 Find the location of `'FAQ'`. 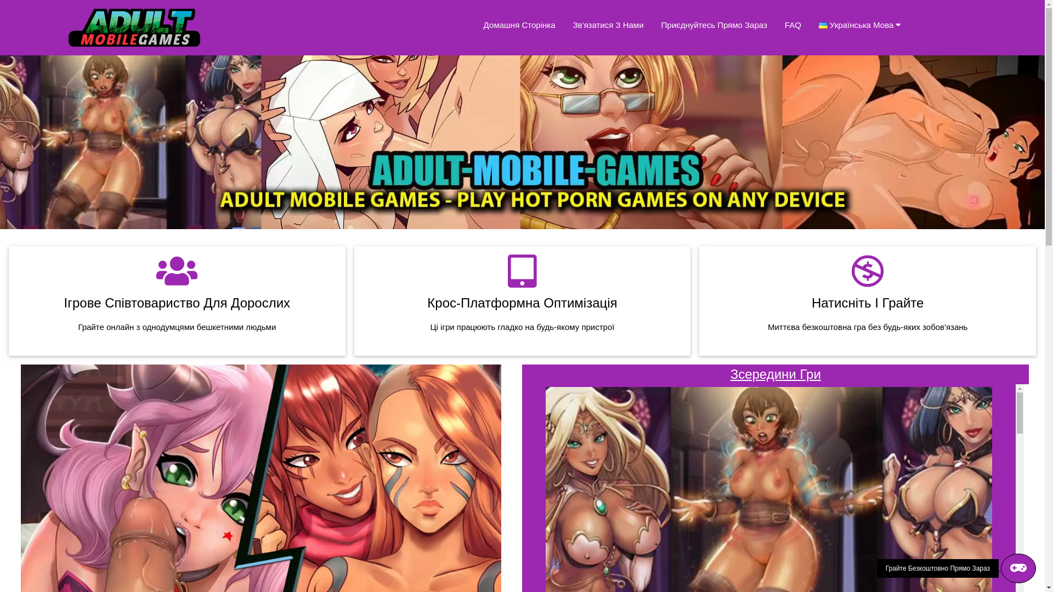

'FAQ' is located at coordinates (792, 25).